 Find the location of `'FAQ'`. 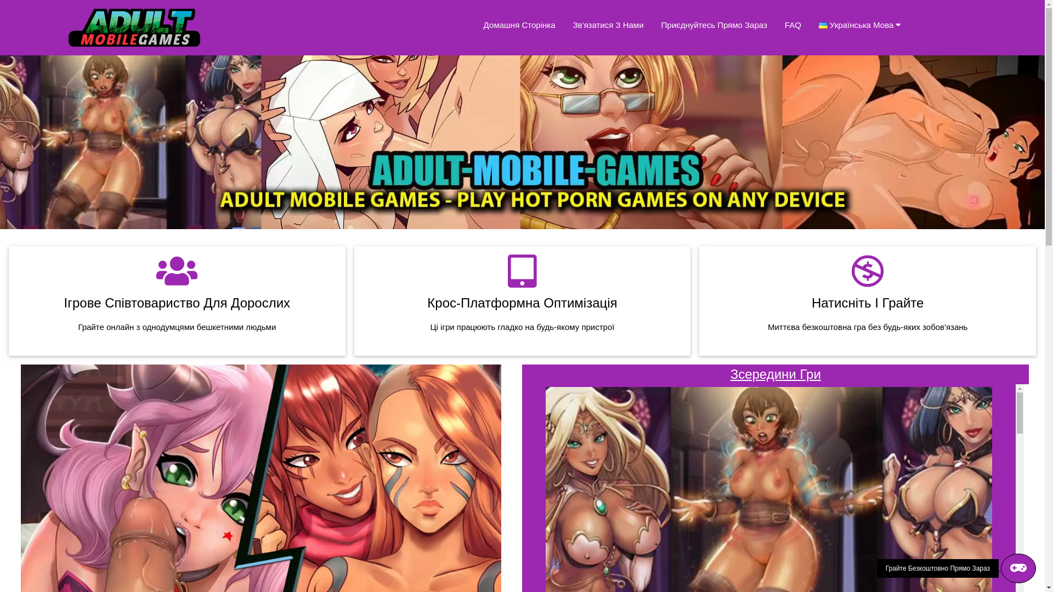

'FAQ' is located at coordinates (792, 25).